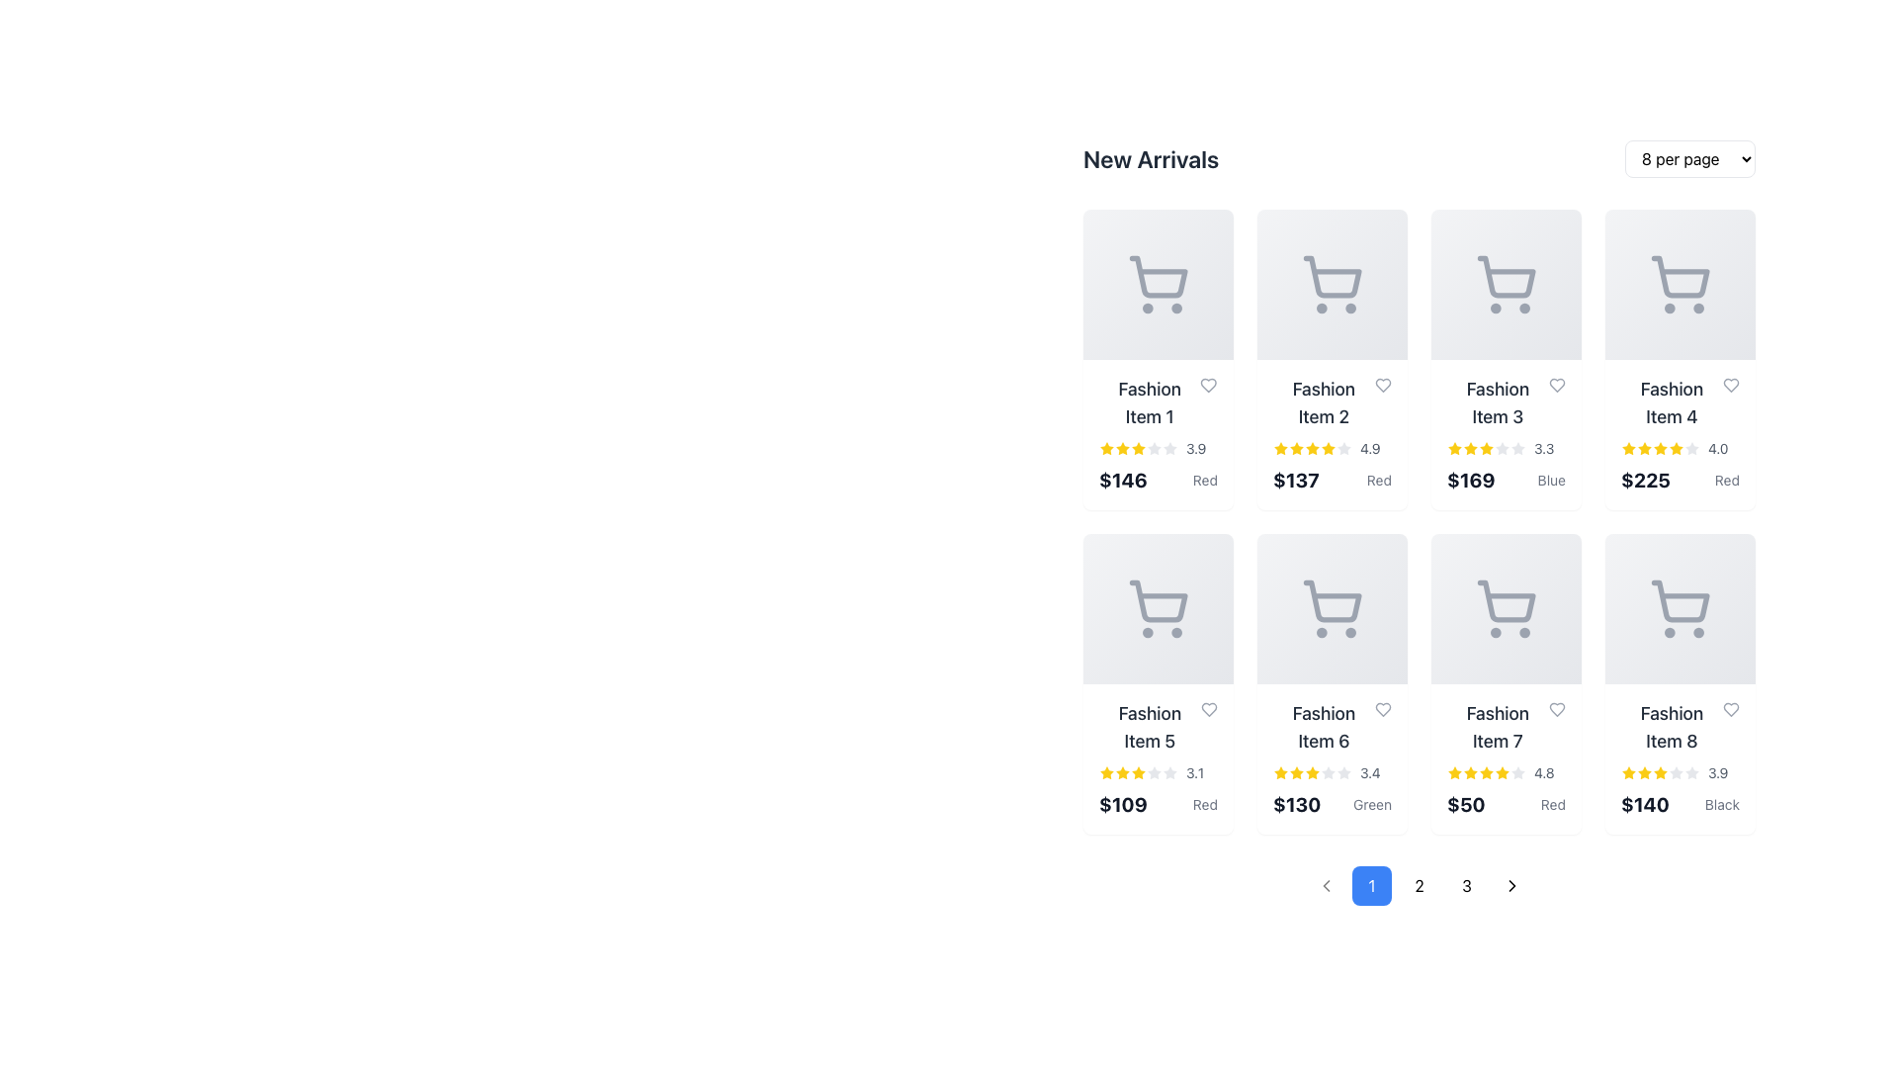 This screenshot has height=1068, width=1898. I want to click on the chevron arrow icon located at the bottom right of the navigation interface, so click(1511, 884).